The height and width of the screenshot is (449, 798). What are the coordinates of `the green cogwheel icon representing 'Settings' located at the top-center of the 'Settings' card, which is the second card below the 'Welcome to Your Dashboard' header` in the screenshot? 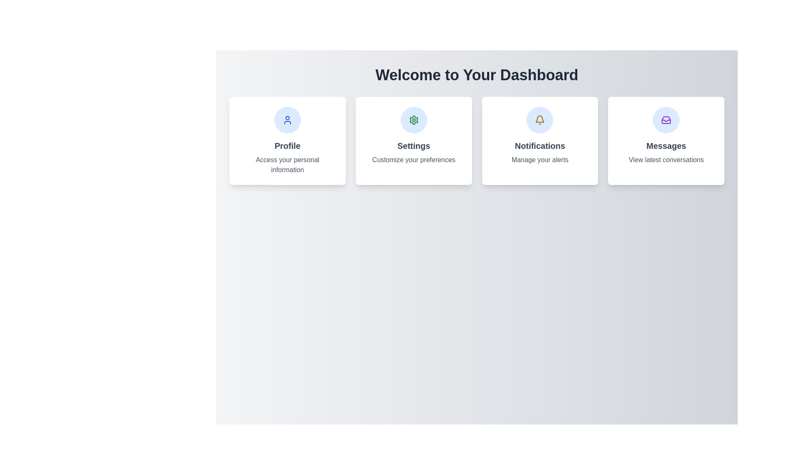 It's located at (414, 120).